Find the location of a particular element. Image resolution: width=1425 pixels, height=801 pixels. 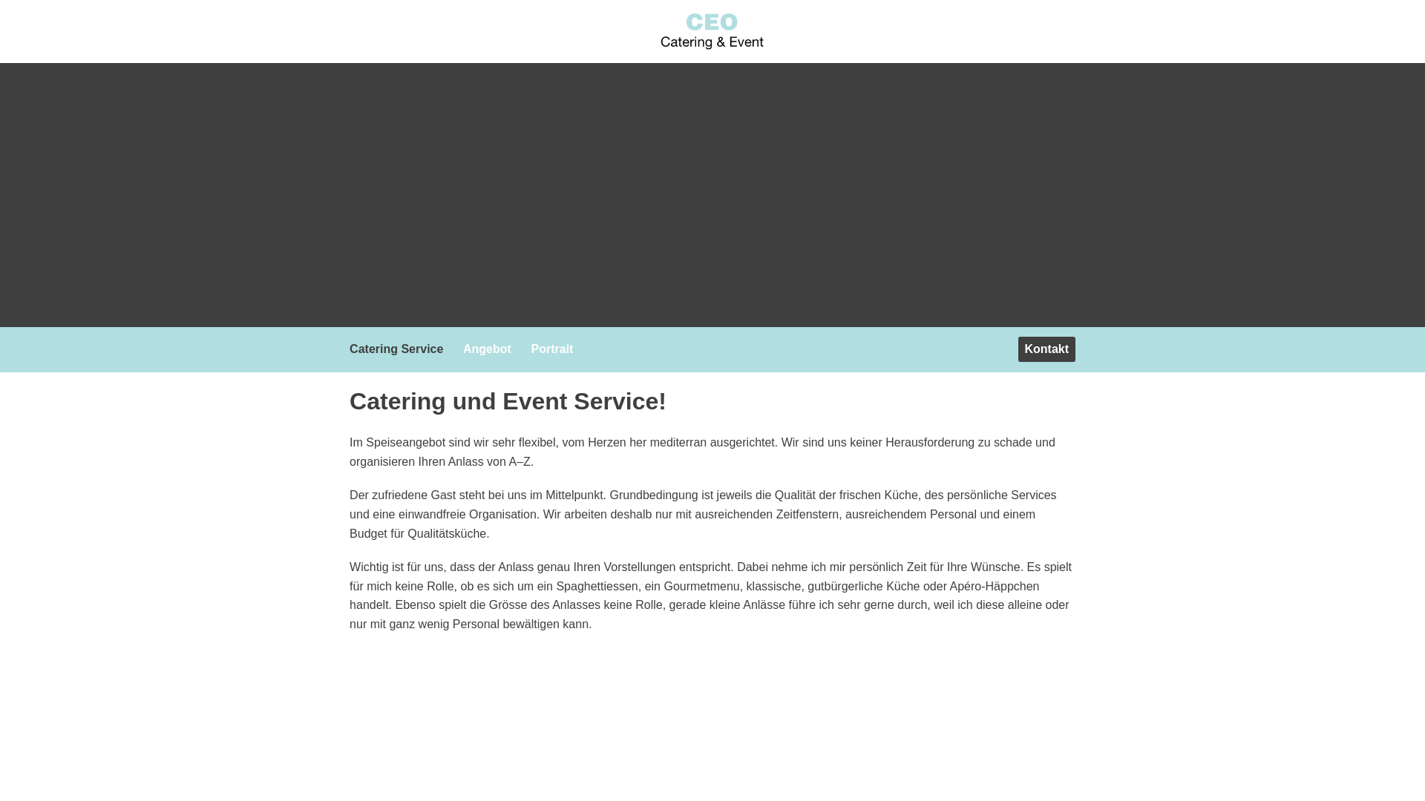

'Catering Service' is located at coordinates (399, 349).